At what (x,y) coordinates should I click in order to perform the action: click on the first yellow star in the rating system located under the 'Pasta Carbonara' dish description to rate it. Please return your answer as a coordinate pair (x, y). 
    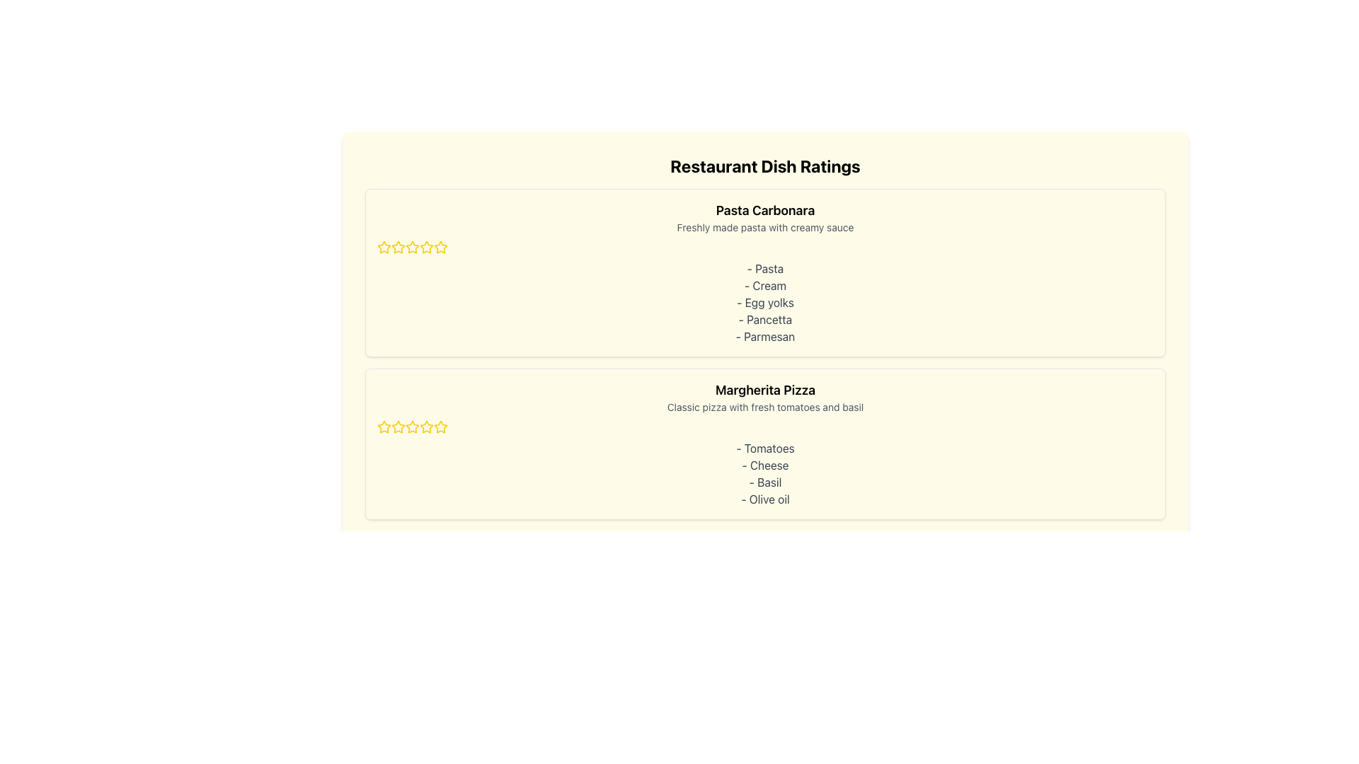
    Looking at the image, I should click on (384, 247).